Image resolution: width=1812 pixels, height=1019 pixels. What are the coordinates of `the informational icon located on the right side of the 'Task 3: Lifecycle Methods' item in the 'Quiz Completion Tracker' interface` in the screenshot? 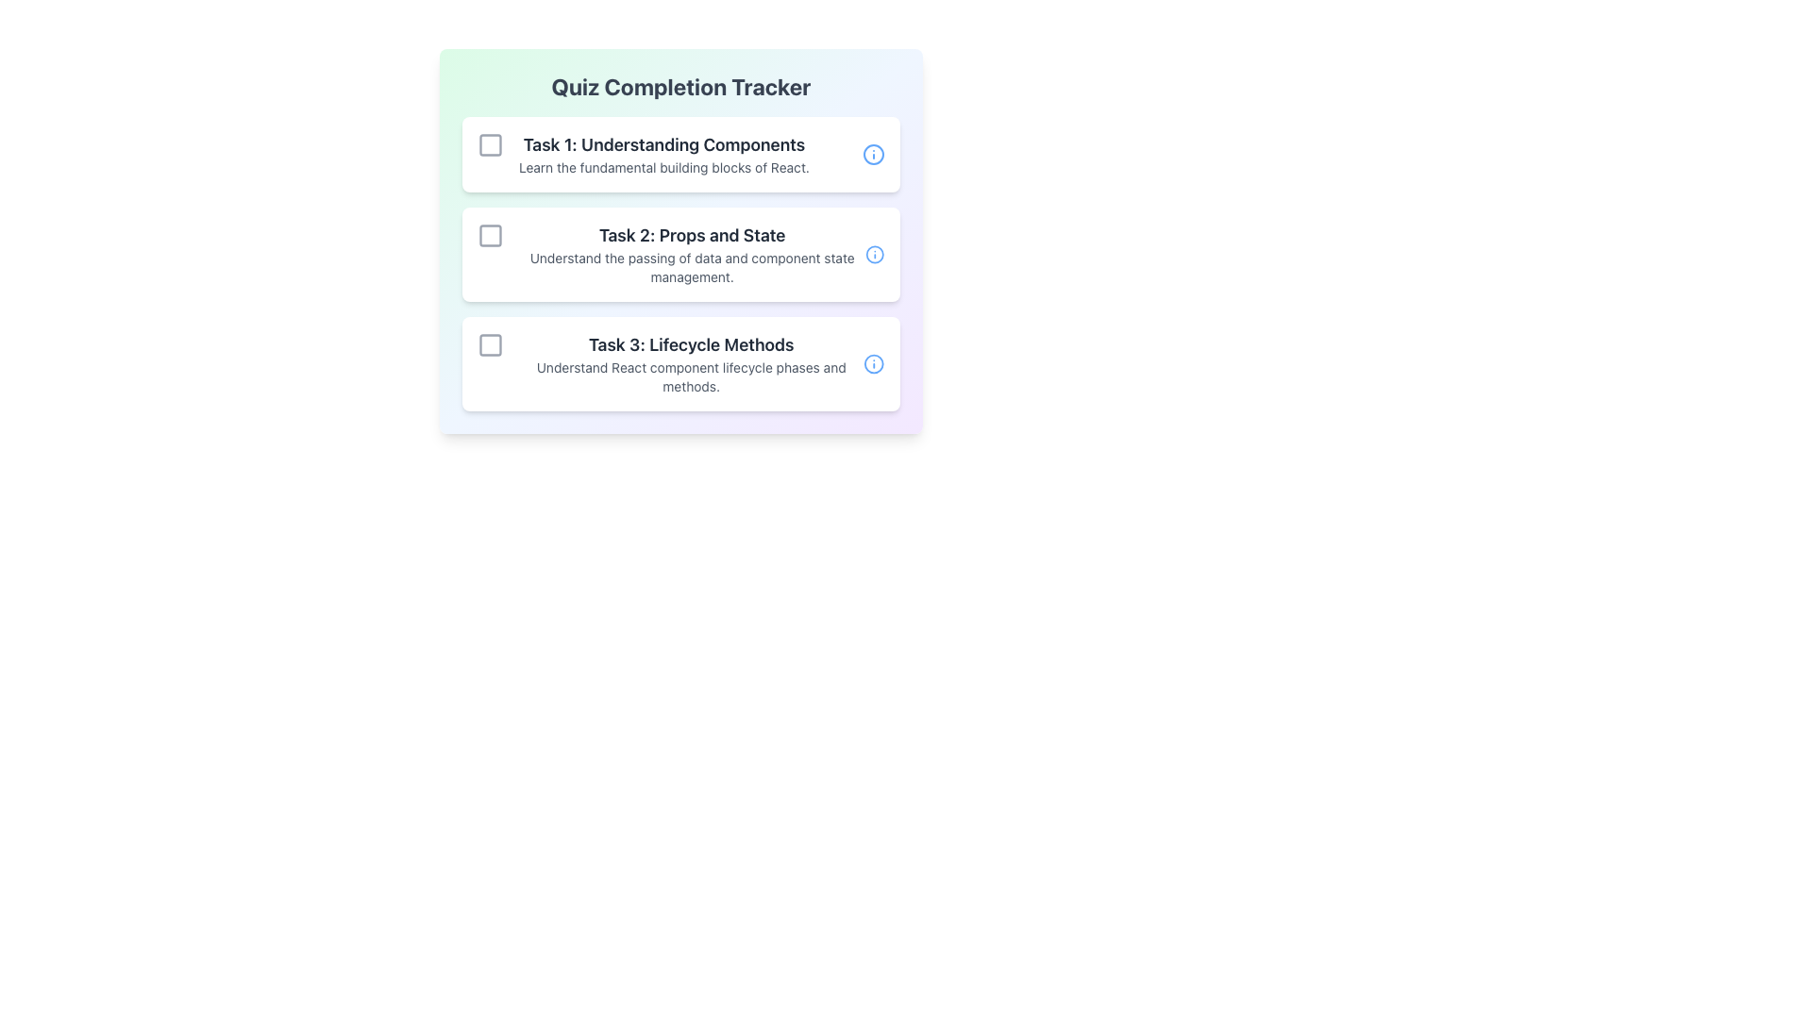 It's located at (873, 363).